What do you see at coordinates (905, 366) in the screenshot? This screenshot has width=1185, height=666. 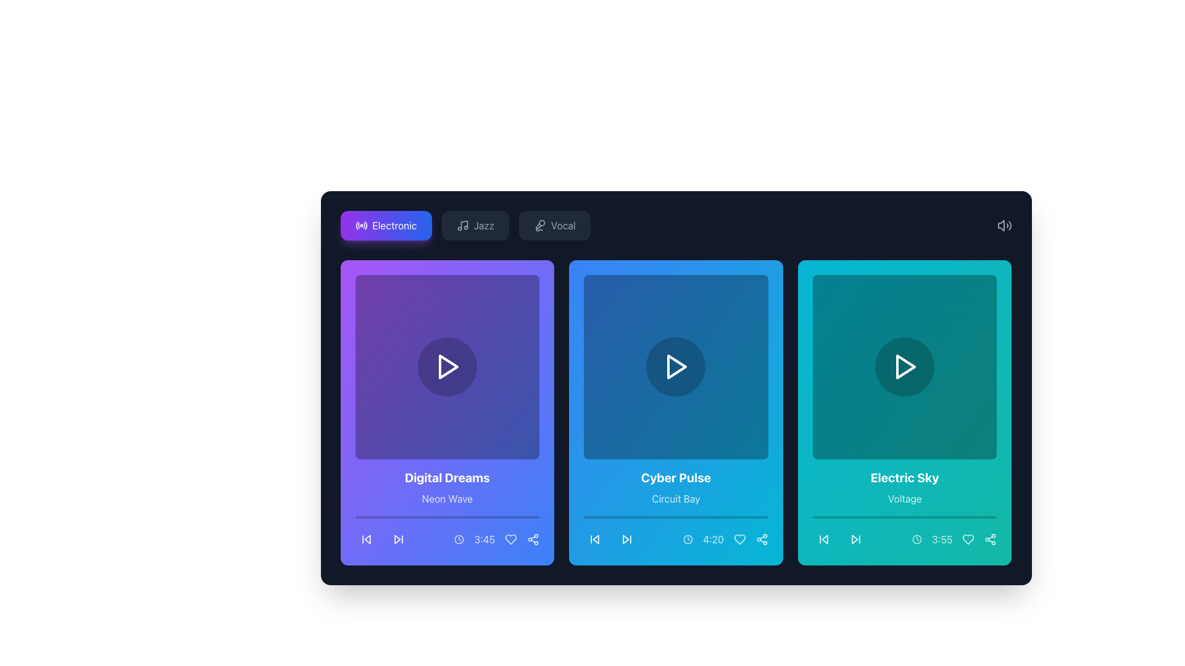 I see `the white triangular play icon button within the circular button that is located in the third card from the left, which is associated with the ‘Electric Sky’ track information` at bounding box center [905, 366].